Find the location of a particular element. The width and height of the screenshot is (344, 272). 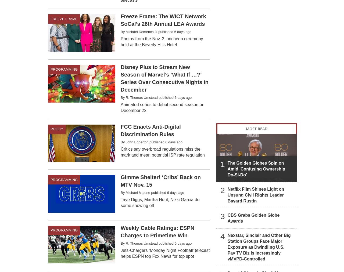

'The Golden Globes Spin on Amid 'Confusing Ownership Do-Si-Do'' is located at coordinates (256, 168).